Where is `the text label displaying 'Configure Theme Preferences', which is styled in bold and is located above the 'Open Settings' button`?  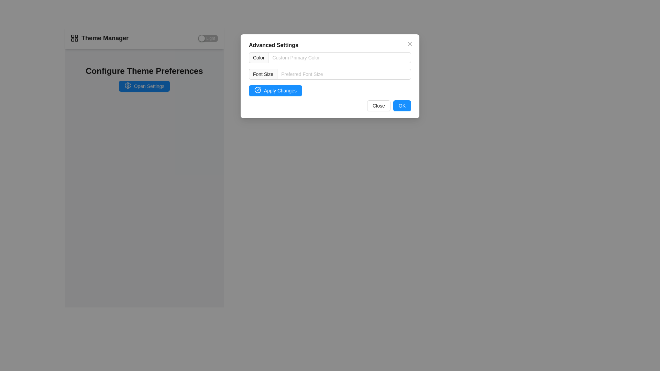
the text label displaying 'Configure Theme Preferences', which is styled in bold and is located above the 'Open Settings' button is located at coordinates (144, 71).